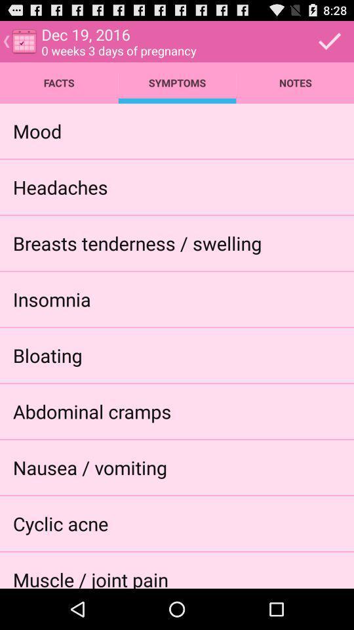 The image size is (354, 630). What do you see at coordinates (47, 355) in the screenshot?
I see `bloating icon` at bounding box center [47, 355].